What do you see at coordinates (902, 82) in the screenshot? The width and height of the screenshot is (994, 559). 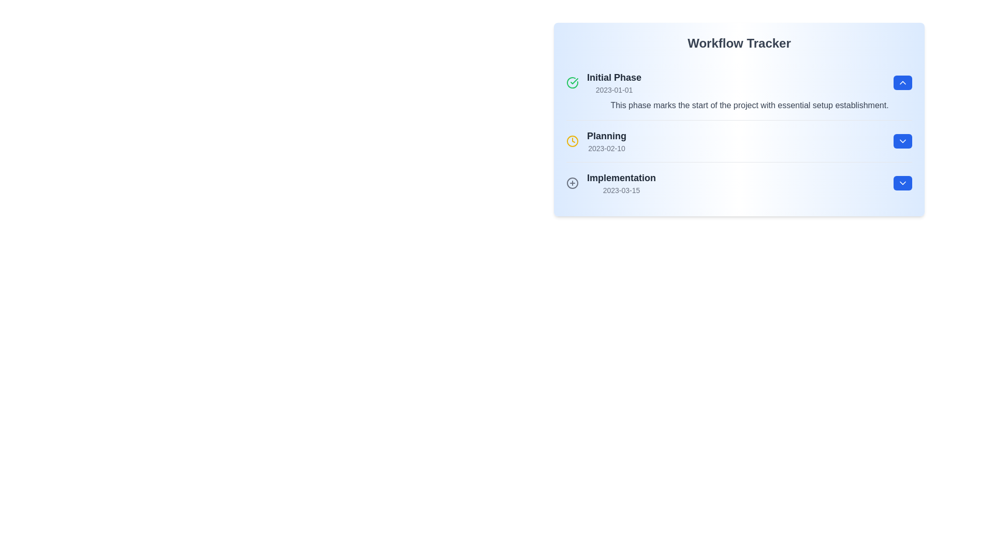 I see `the rectangular interactive button with a blue background and upward-pointing chevron icon located in the top-right corner of the first row of the workflow tracker` at bounding box center [902, 82].